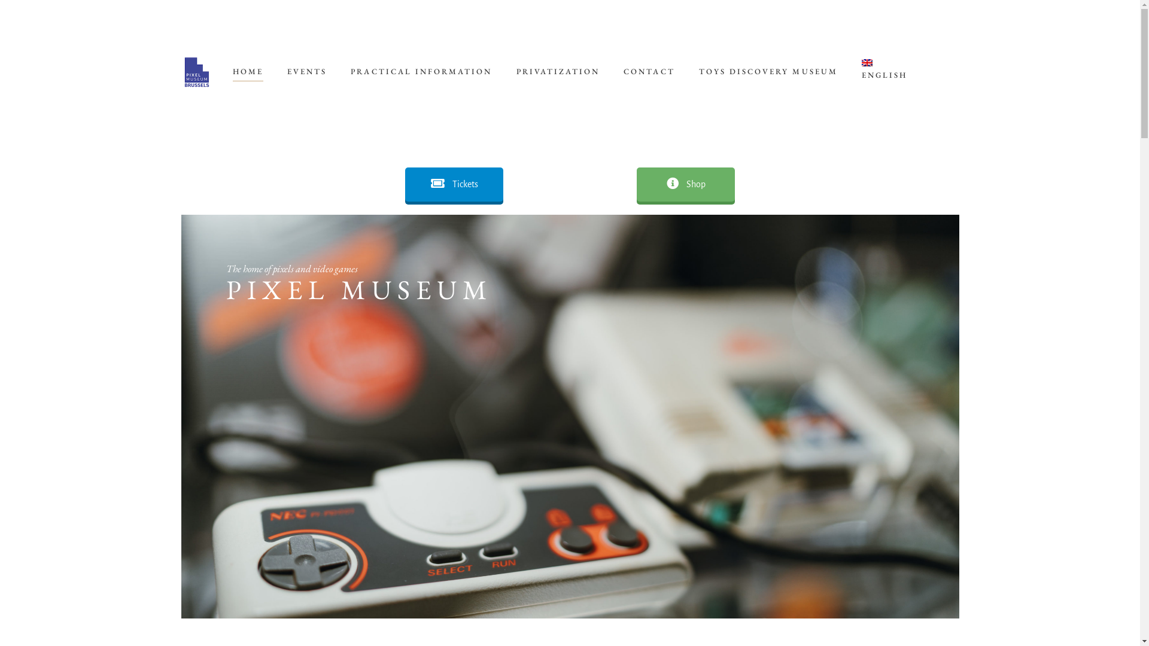  I want to click on 'PRIVATIZATION', so click(504, 71).